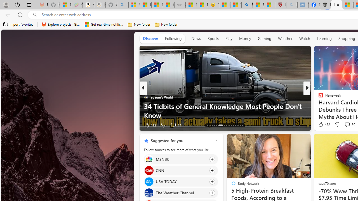 The height and width of the screenshot is (201, 358). I want to click on '22 Like', so click(321, 125).